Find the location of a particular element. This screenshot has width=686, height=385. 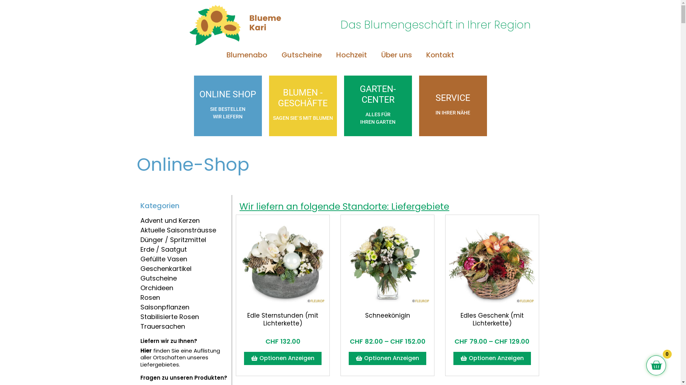

'Blumenabo' is located at coordinates (219, 55).